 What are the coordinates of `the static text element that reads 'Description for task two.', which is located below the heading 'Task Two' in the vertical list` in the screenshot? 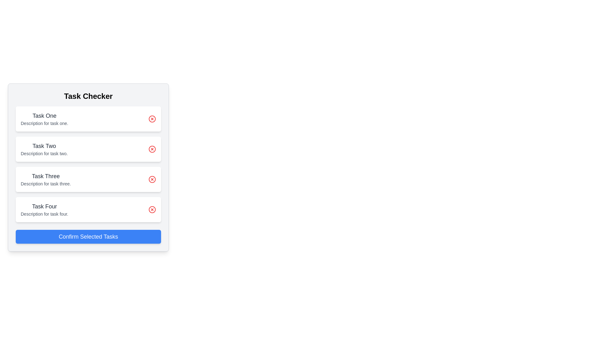 It's located at (44, 154).